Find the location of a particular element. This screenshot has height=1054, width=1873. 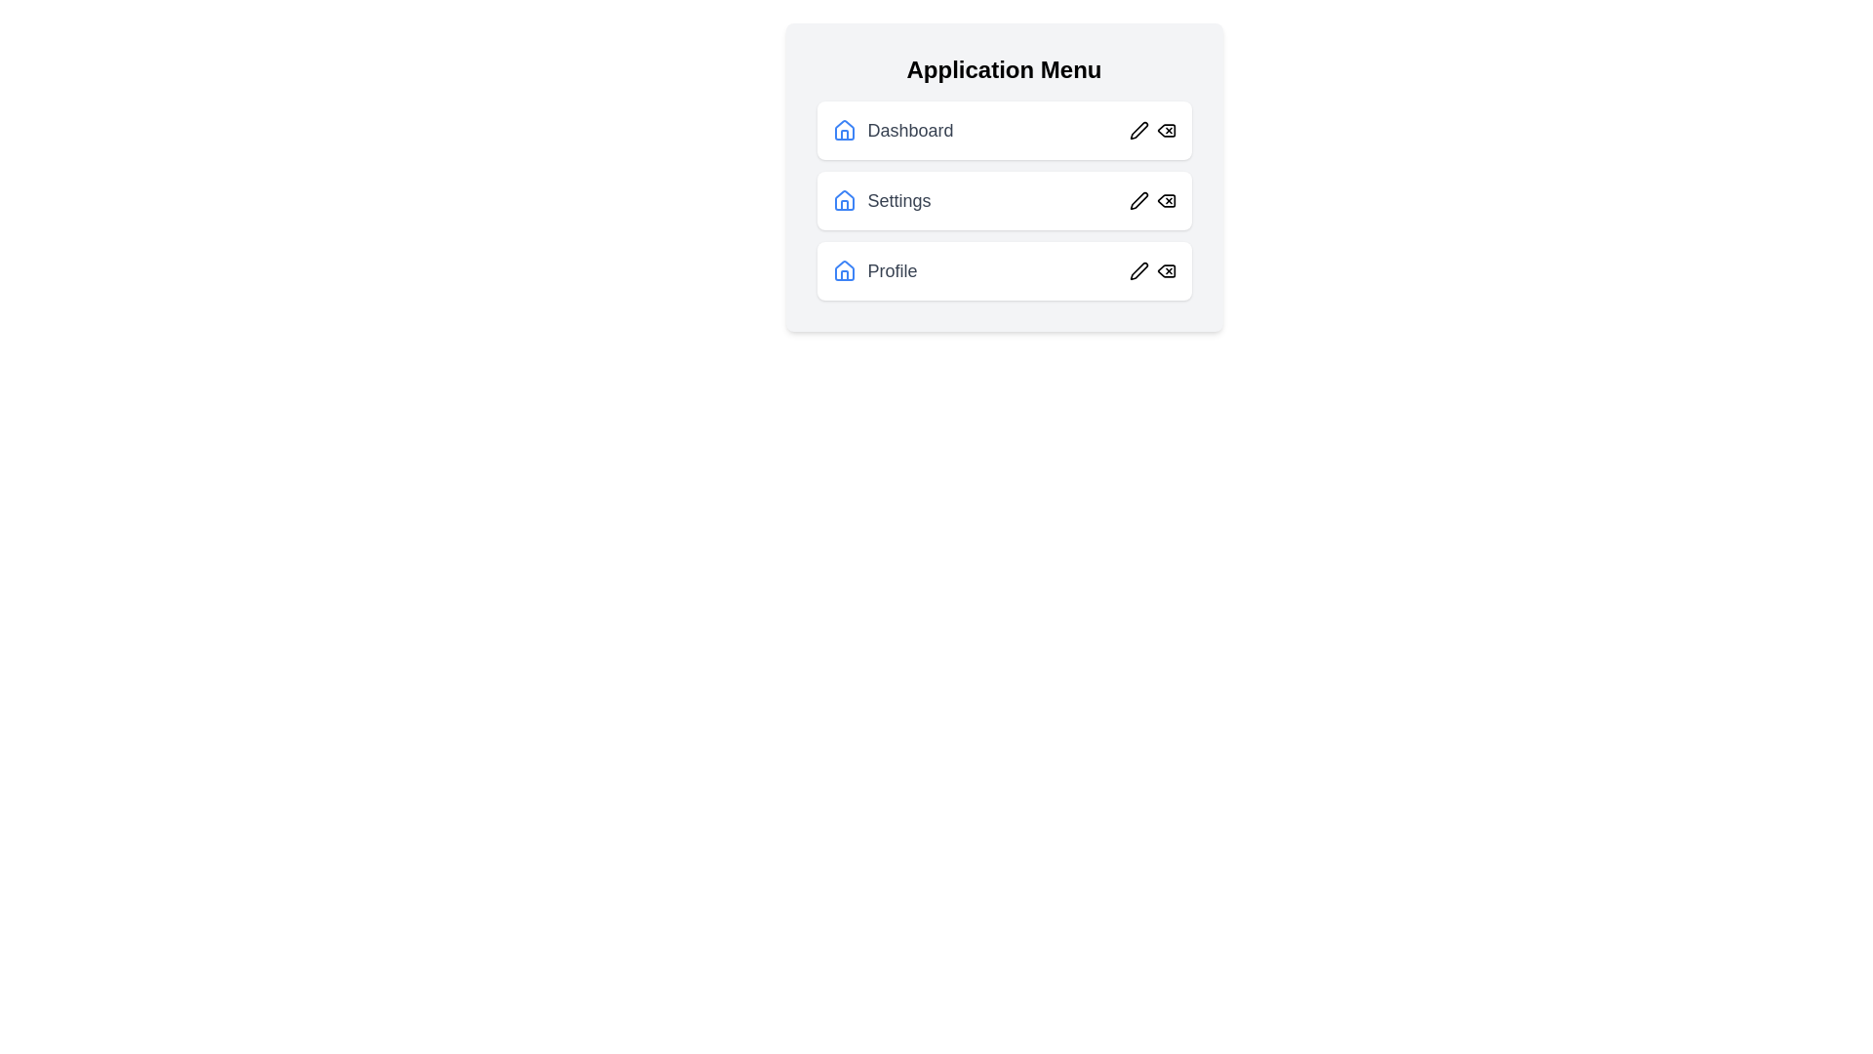

the 'Settings' text label, which is styled in soft gray and positioned centrally in the second row of the vertically stacked menu, next to a blue house icon is located at coordinates (897, 200).